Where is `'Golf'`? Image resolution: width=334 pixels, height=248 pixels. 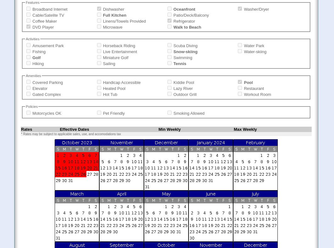
'Golf' is located at coordinates (36, 57).